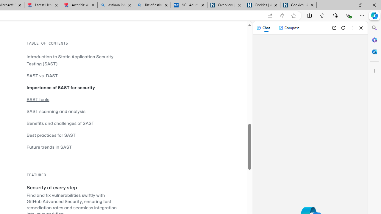 This screenshot has width=381, height=214. What do you see at coordinates (51, 135) in the screenshot?
I see `'Best practices for SAST'` at bounding box center [51, 135].